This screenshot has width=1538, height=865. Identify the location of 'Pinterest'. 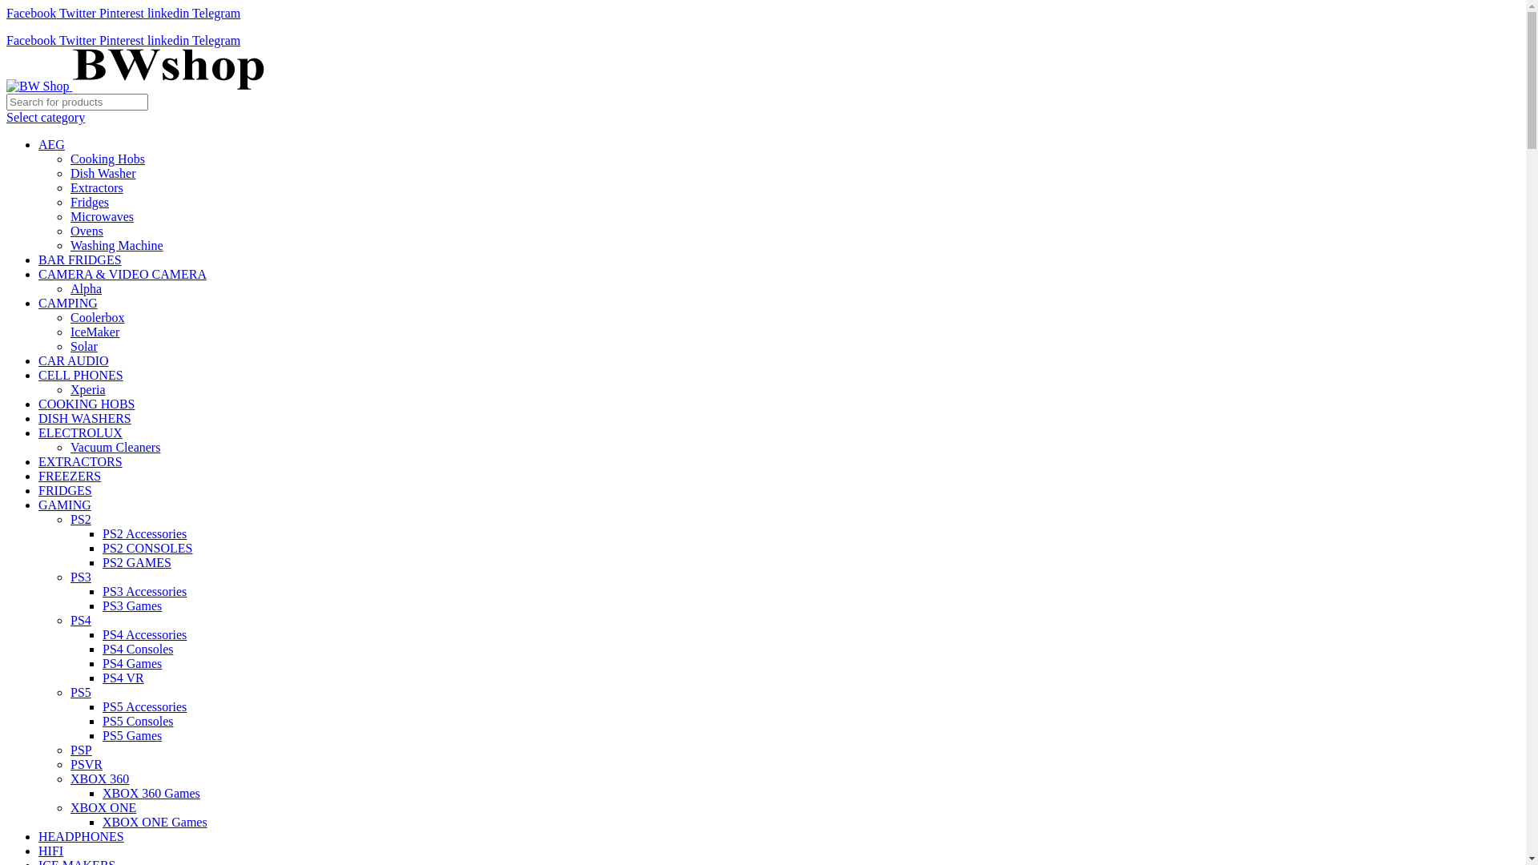
(122, 39).